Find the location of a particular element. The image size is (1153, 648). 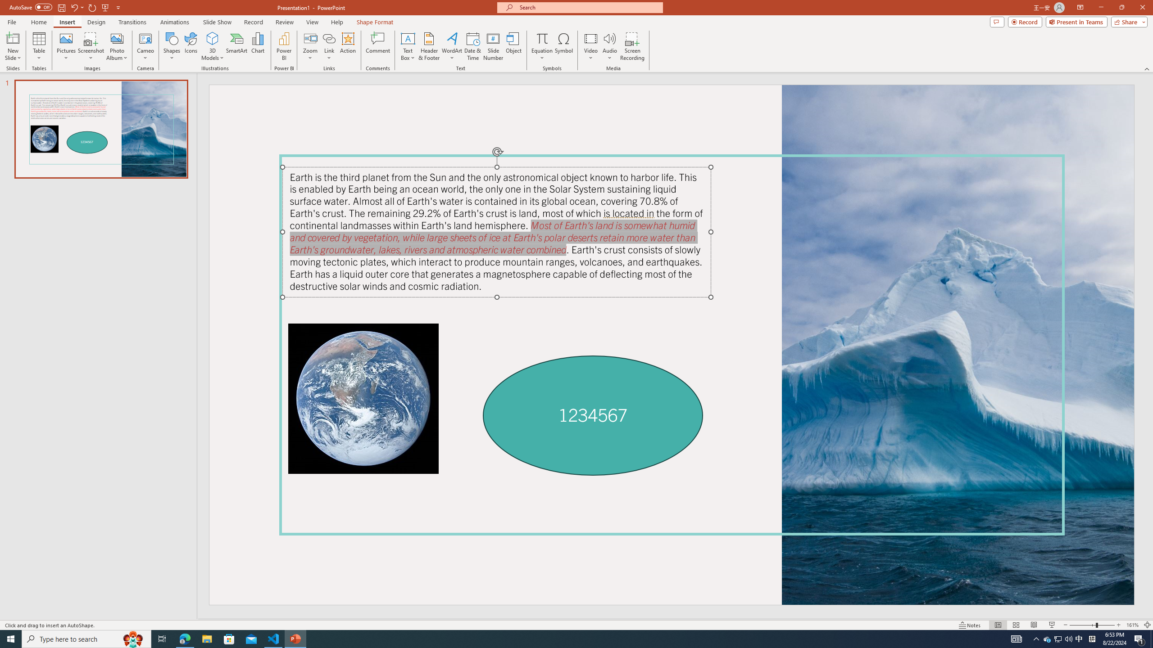

'Icons' is located at coordinates (191, 46).